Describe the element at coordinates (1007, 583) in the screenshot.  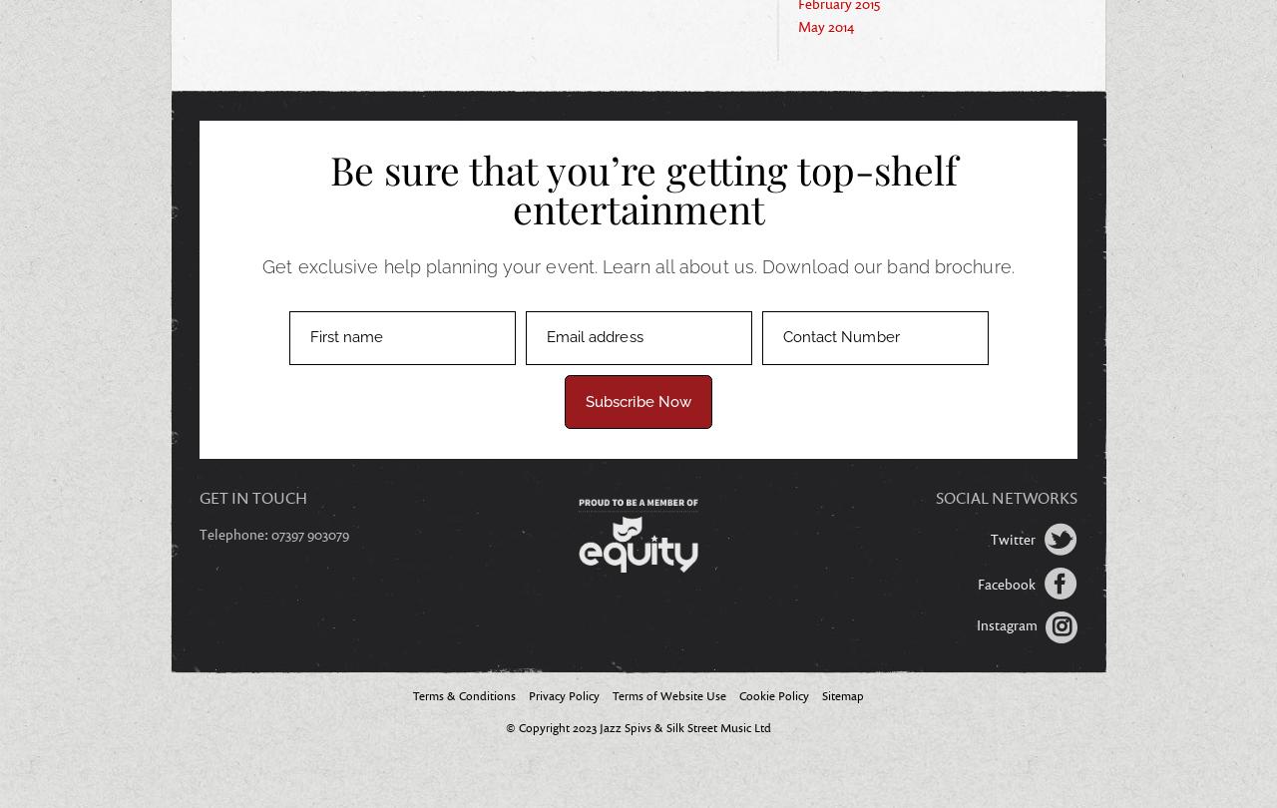
I see `'Facebook'` at that location.